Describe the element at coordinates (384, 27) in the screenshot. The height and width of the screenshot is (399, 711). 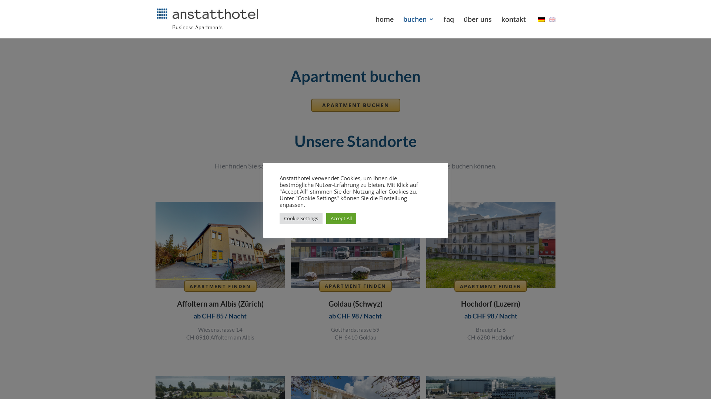
I see `'home'` at that location.